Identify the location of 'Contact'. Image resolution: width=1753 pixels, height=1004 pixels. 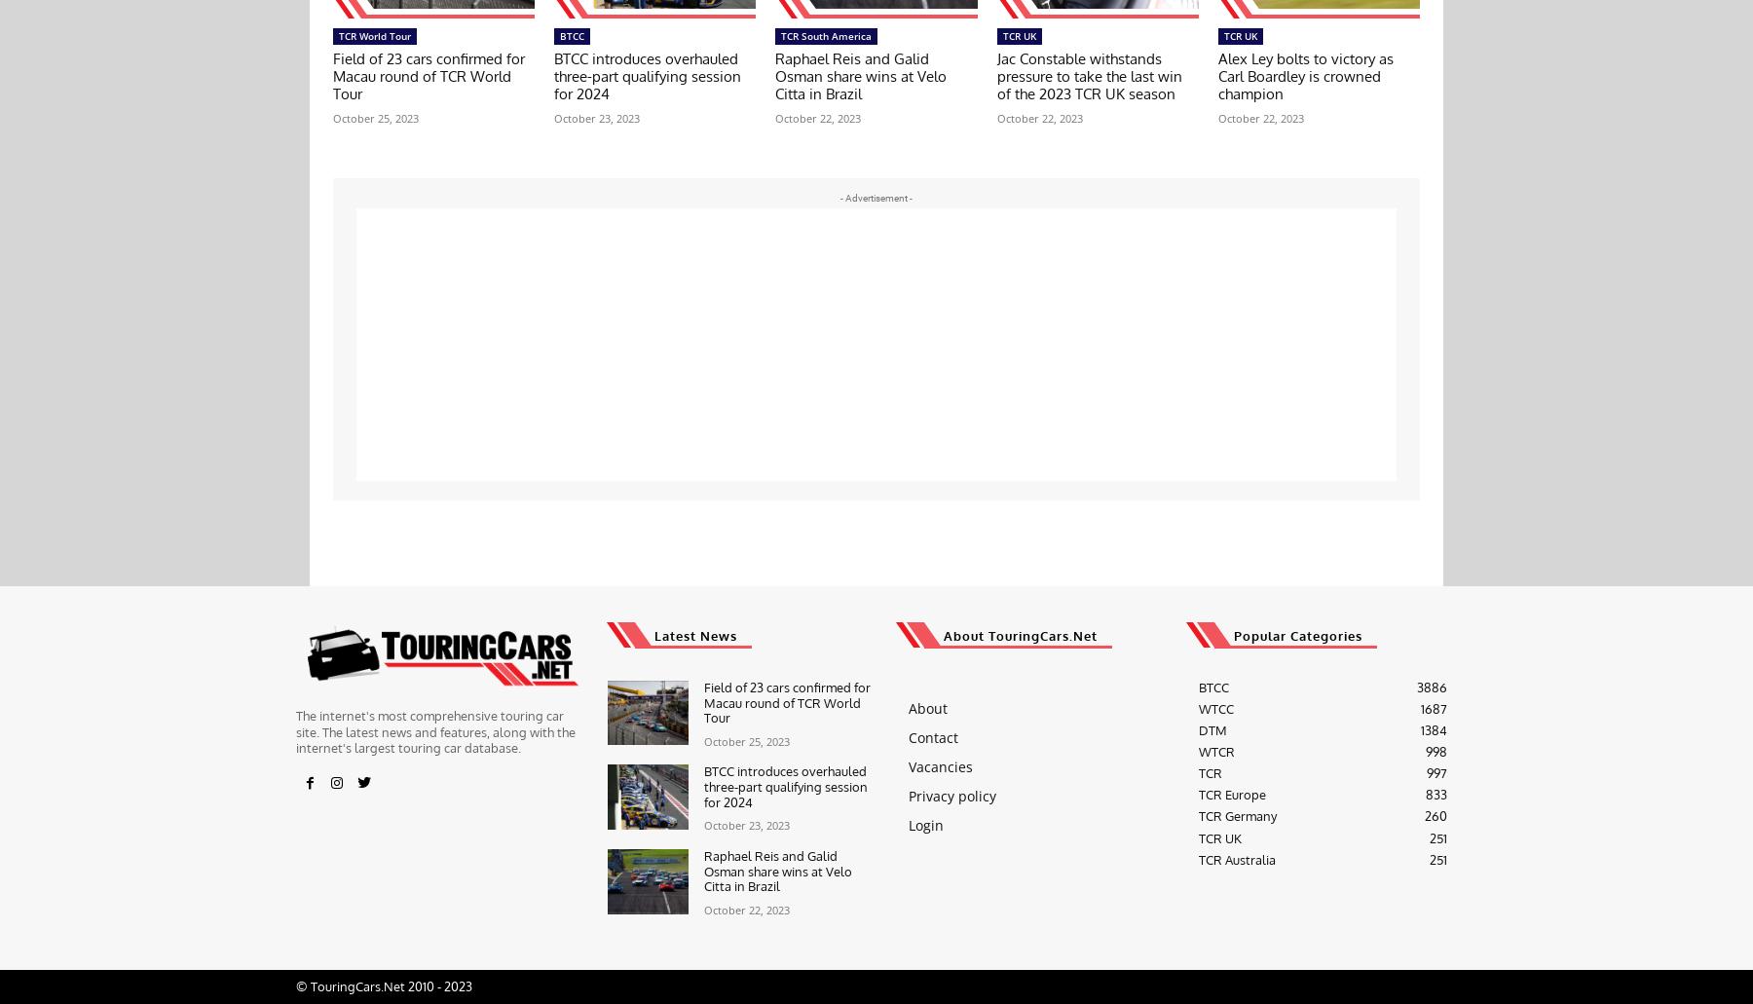
(932, 735).